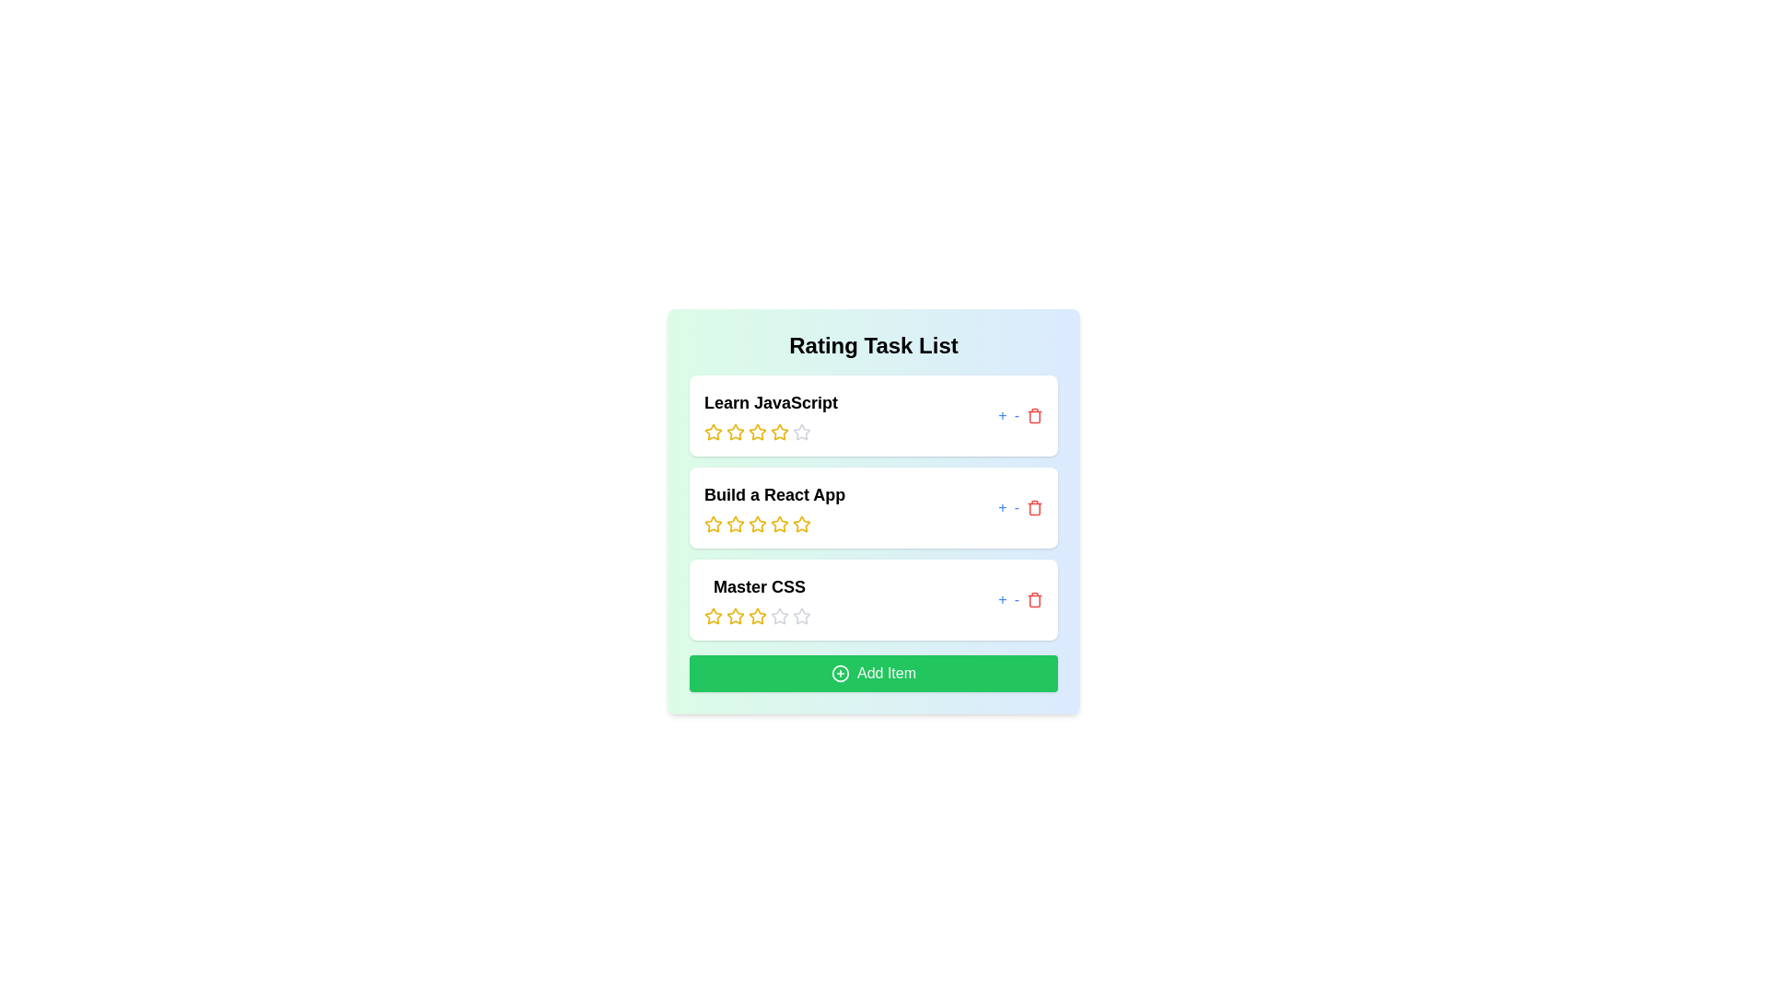 This screenshot has width=1768, height=994. Describe the element at coordinates (1016, 599) in the screenshot. I see `'-' button next to the item titled 'Master CSS' to decrease its rating` at that location.